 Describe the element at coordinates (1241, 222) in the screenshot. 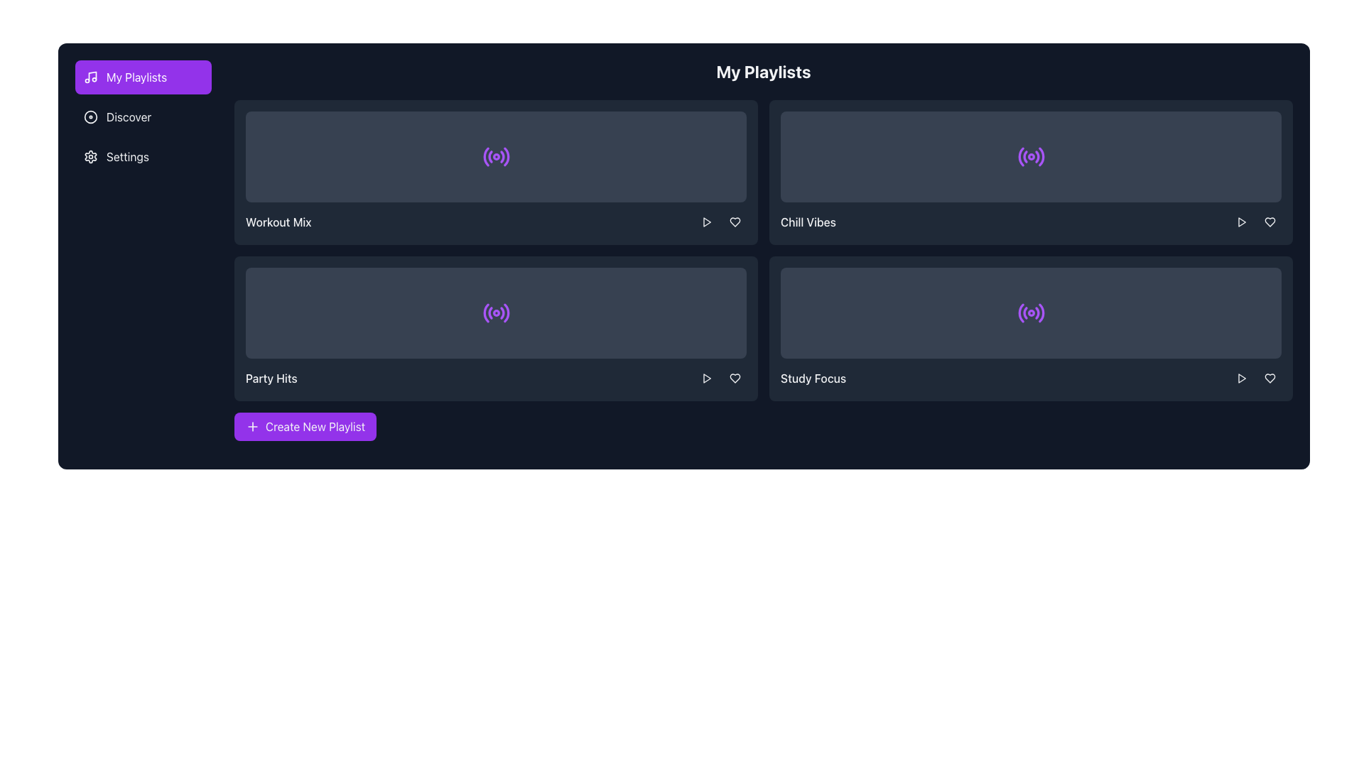

I see `the triangular play button icon located at the top-right corner of the 'Chill Vibes' playlist panel` at that location.